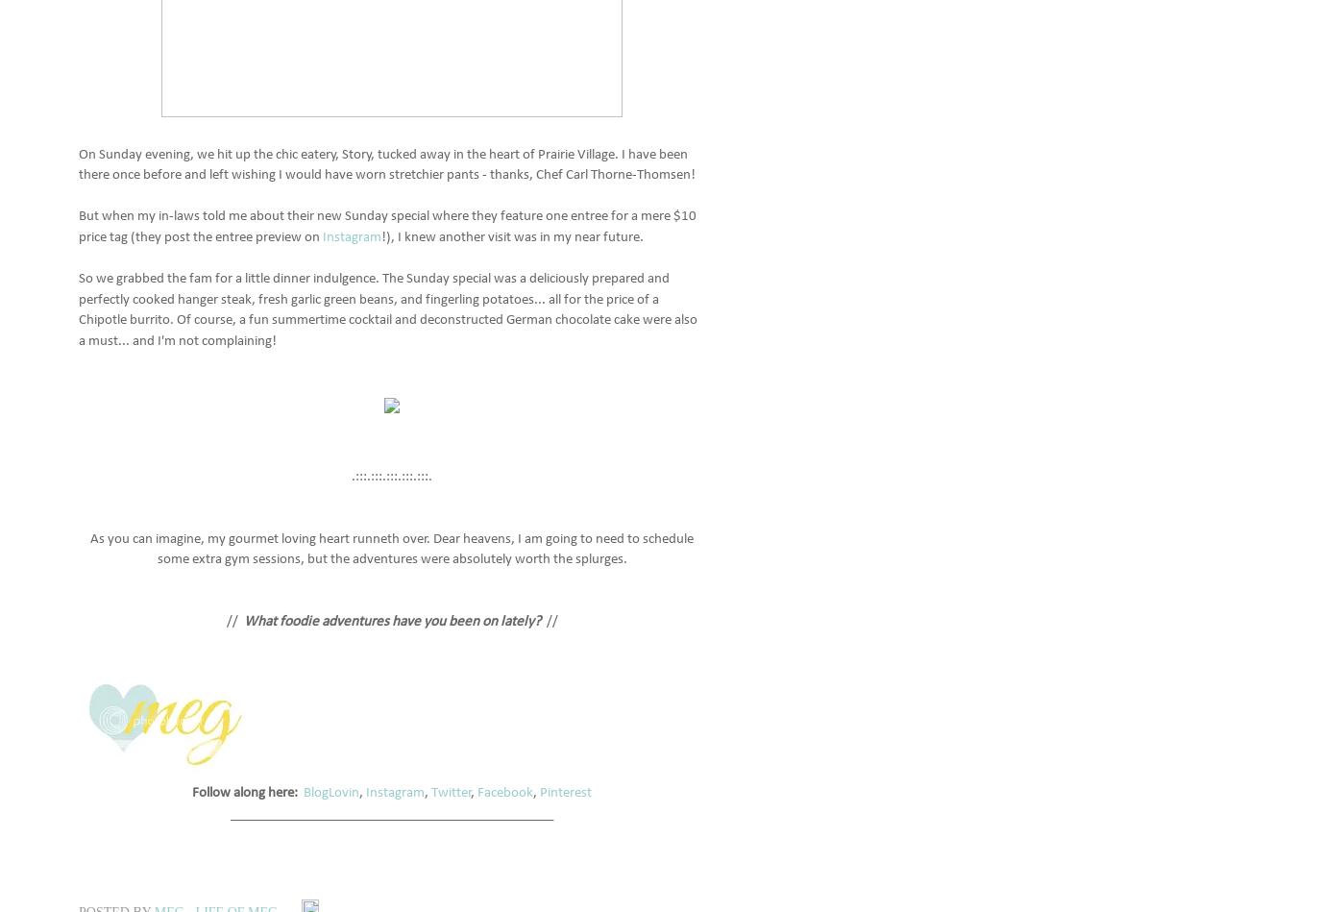 This screenshot has width=1320, height=912. I want to click on '!), I knew another visit was in my near future.', so click(512, 234).